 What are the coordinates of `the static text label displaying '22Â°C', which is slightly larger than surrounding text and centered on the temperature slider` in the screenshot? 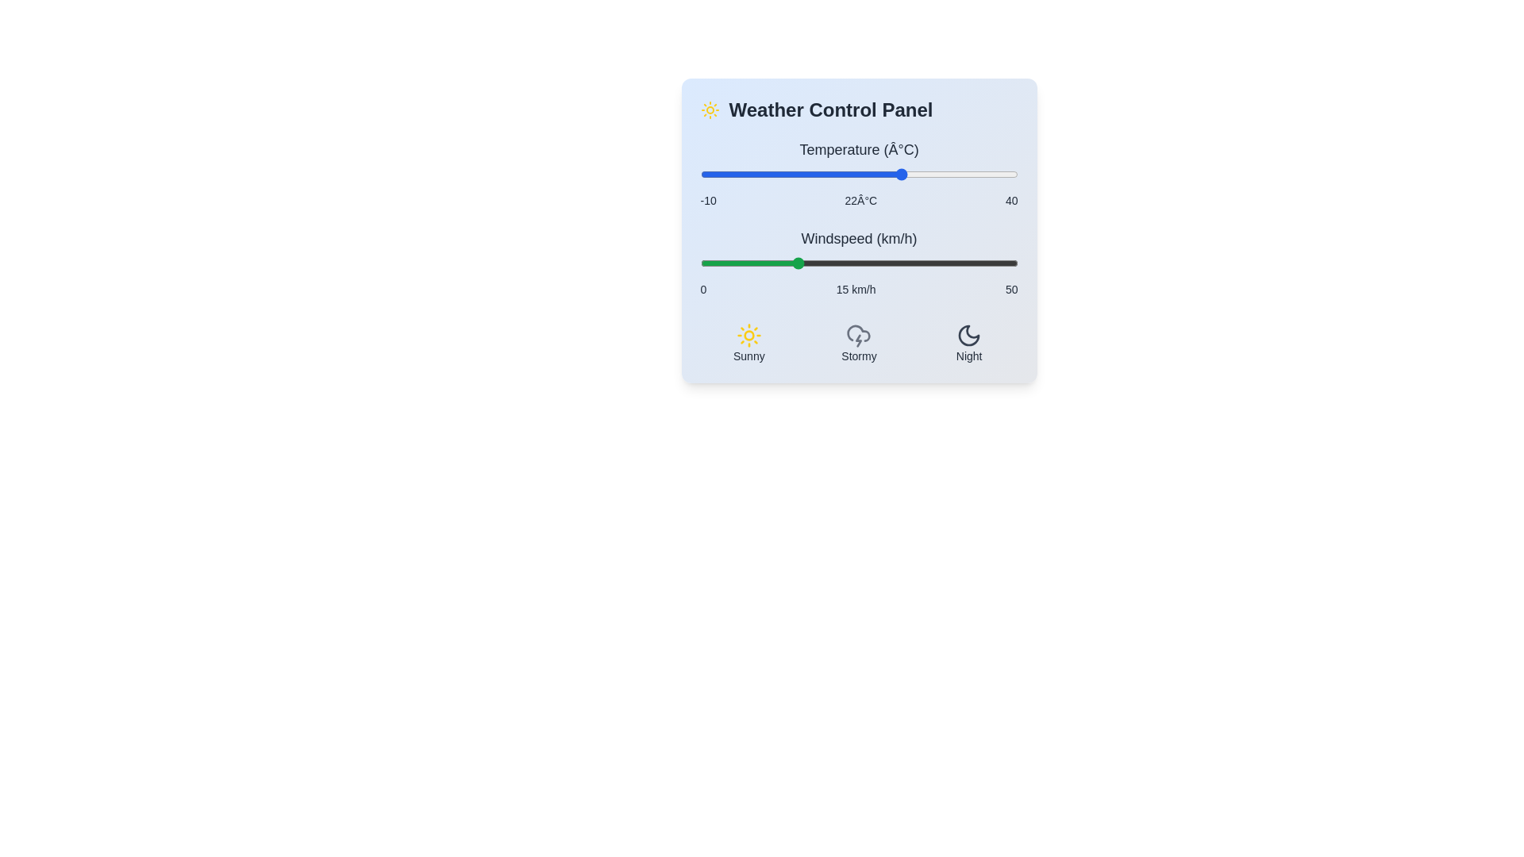 It's located at (860, 200).